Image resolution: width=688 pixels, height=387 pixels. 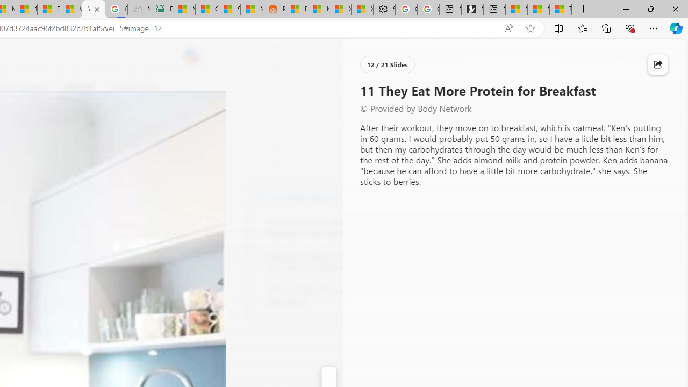 What do you see at coordinates (97, 138) in the screenshot?
I see `'Go to publisher'` at bounding box center [97, 138].